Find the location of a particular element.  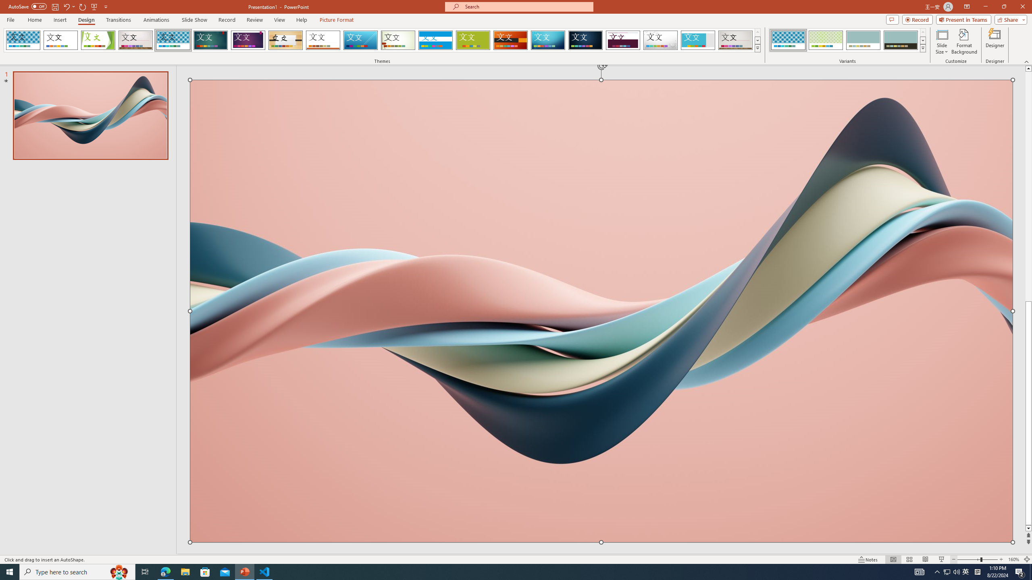

'Integral' is located at coordinates (173, 40).